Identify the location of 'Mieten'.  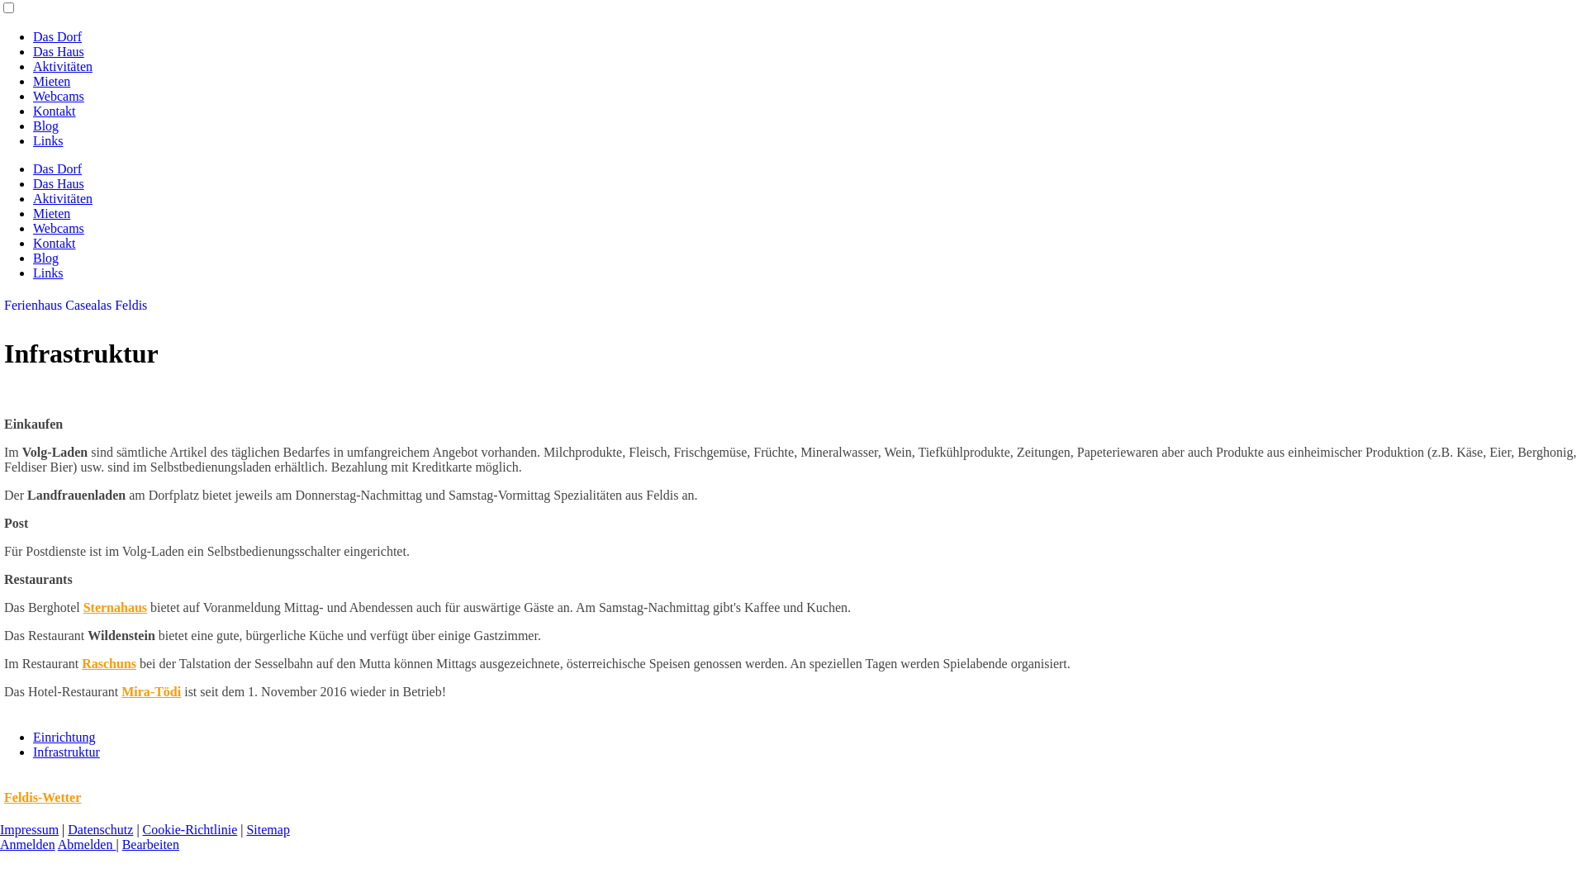
(32, 212).